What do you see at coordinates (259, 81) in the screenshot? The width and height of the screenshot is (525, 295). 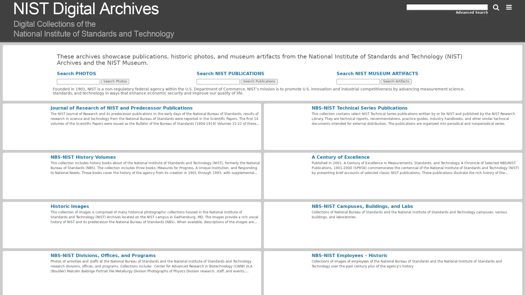 I see `Search Publications` at bounding box center [259, 81].